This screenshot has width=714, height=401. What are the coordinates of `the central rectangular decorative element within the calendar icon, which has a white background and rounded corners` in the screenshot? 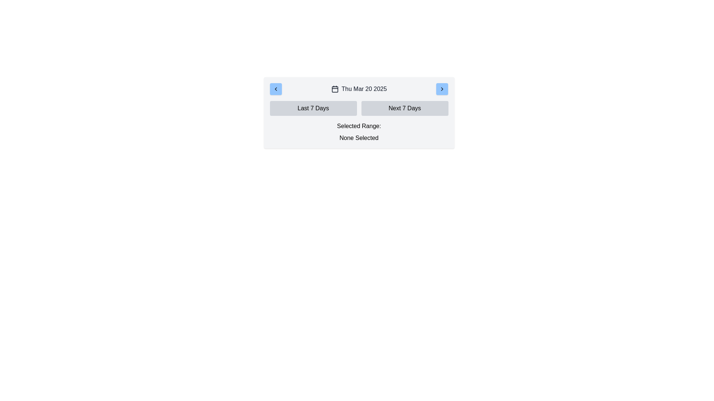 It's located at (334, 89).